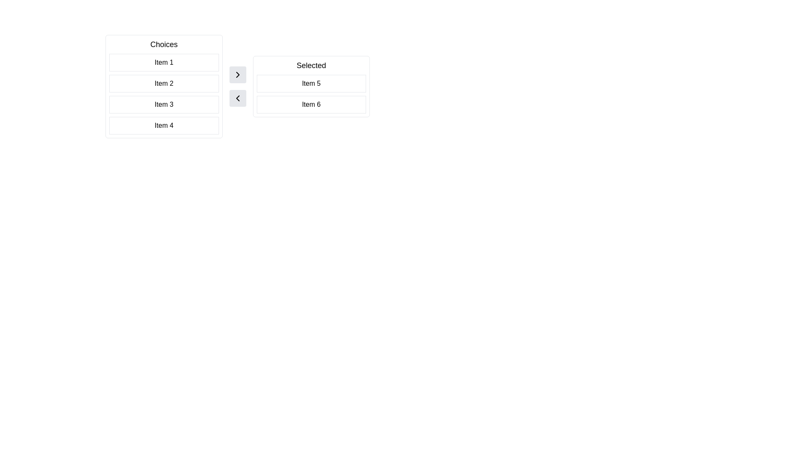 This screenshot has height=454, width=807. Describe the element at coordinates (237, 98) in the screenshot. I see `the navigation icon within the interactive button to shift from the 'Selected' column back to the 'Choices' column` at that location.